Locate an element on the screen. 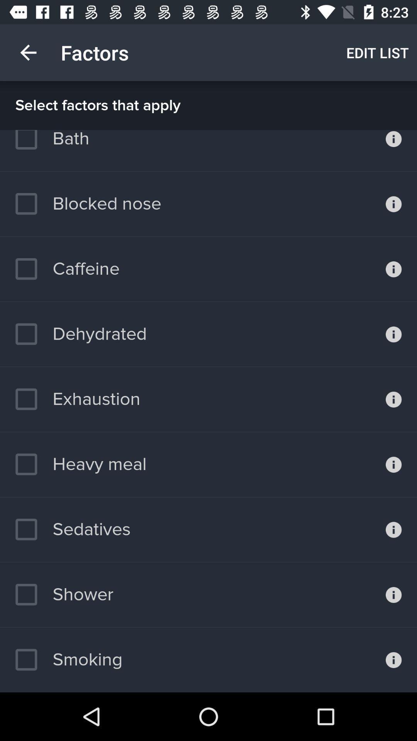 The height and width of the screenshot is (741, 417). information toggle is located at coordinates (393, 659).